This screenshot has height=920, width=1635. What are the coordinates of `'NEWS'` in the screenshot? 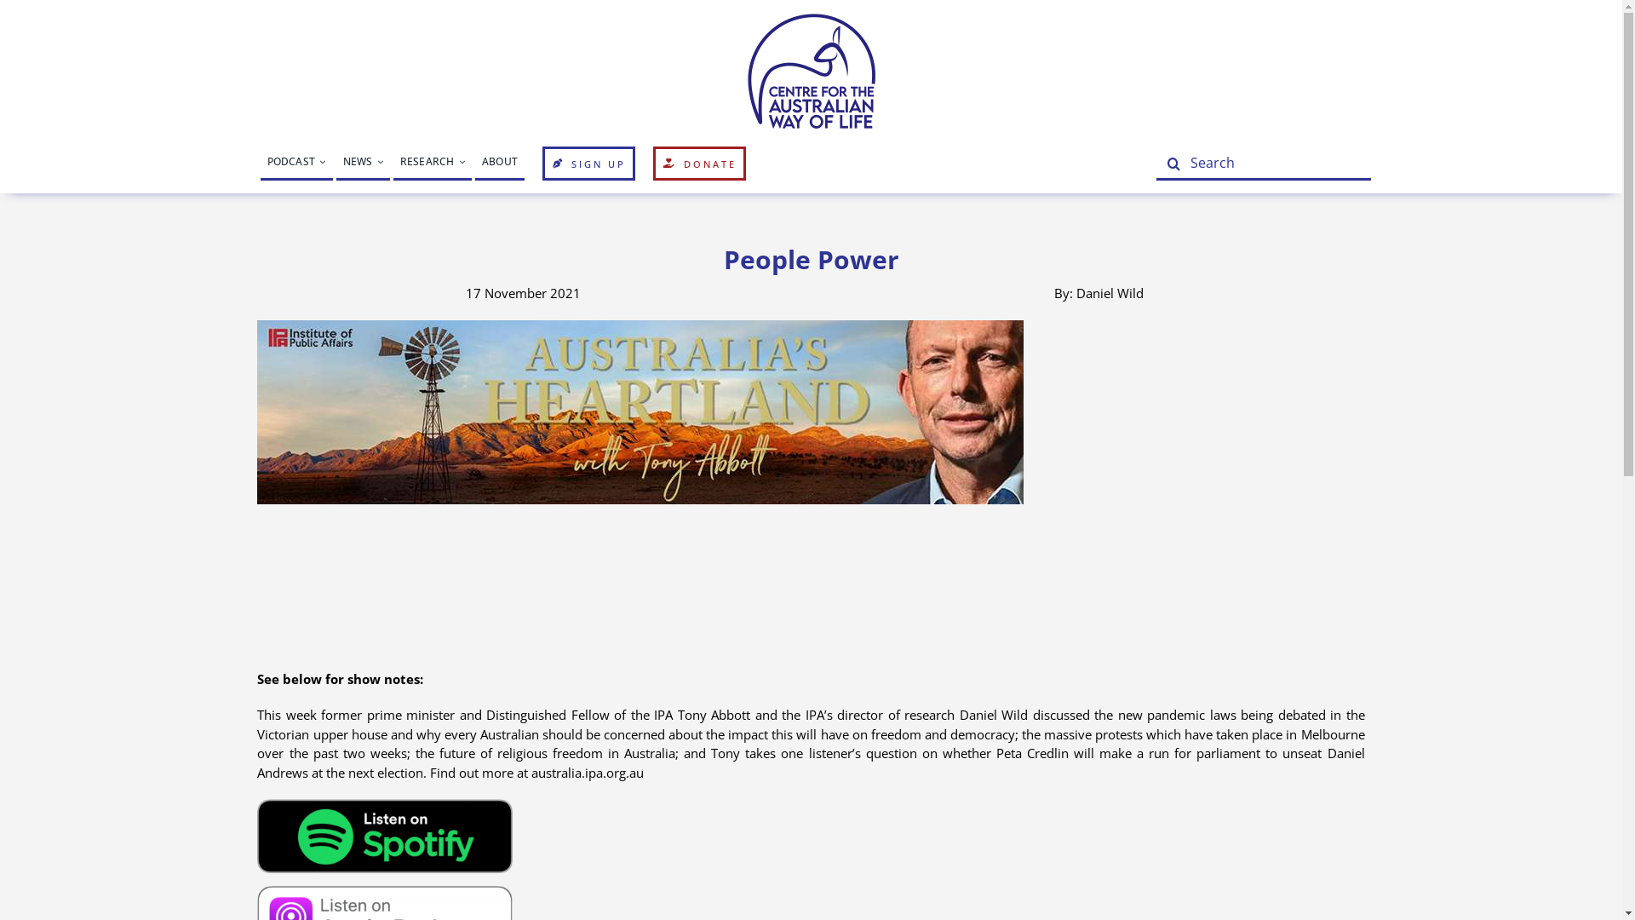 It's located at (362, 164).